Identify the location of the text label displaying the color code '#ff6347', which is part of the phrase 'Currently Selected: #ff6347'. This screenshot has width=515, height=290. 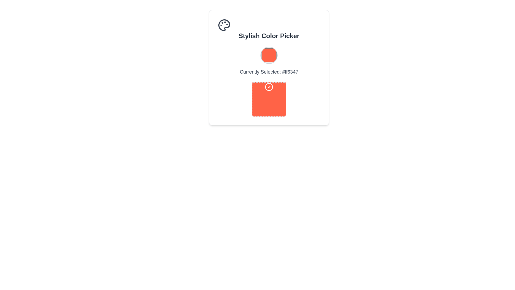
(290, 71).